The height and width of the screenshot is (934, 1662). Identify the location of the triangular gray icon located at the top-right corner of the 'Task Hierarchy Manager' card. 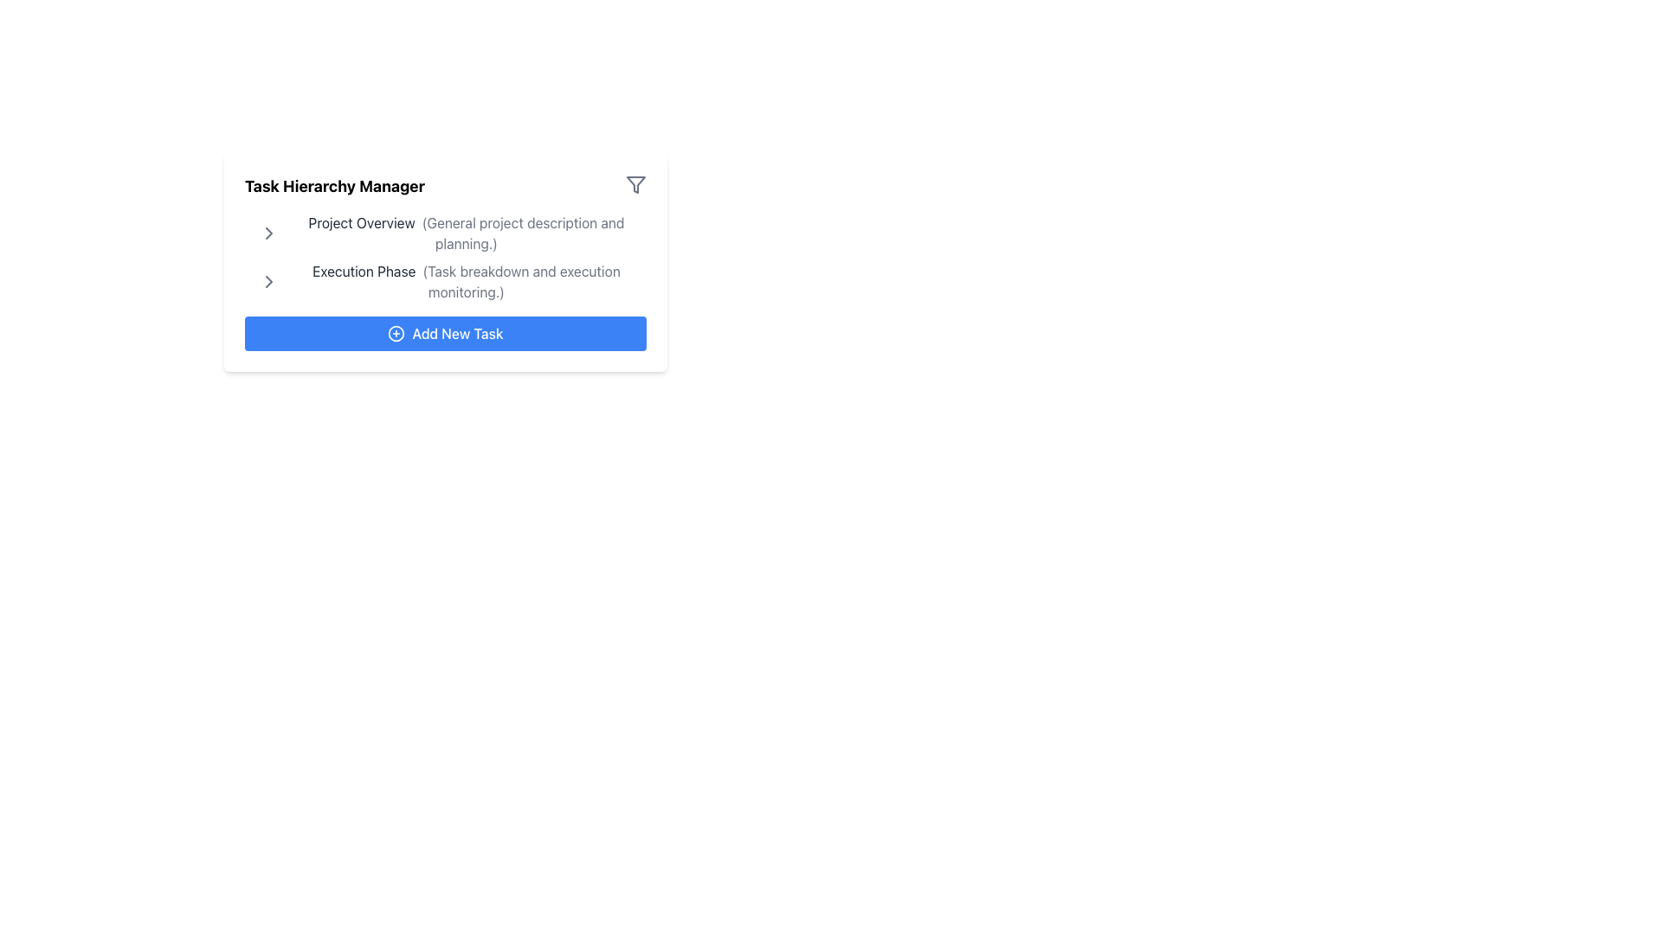
(635, 184).